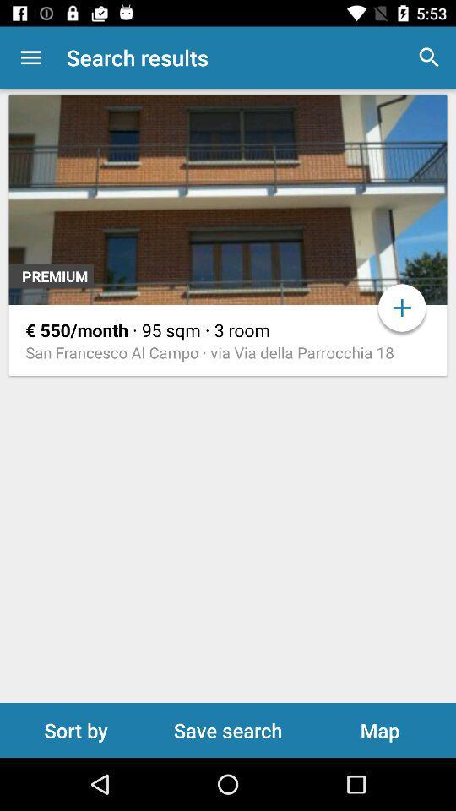 This screenshot has height=811, width=456. I want to click on icon next to the map, so click(228, 729).